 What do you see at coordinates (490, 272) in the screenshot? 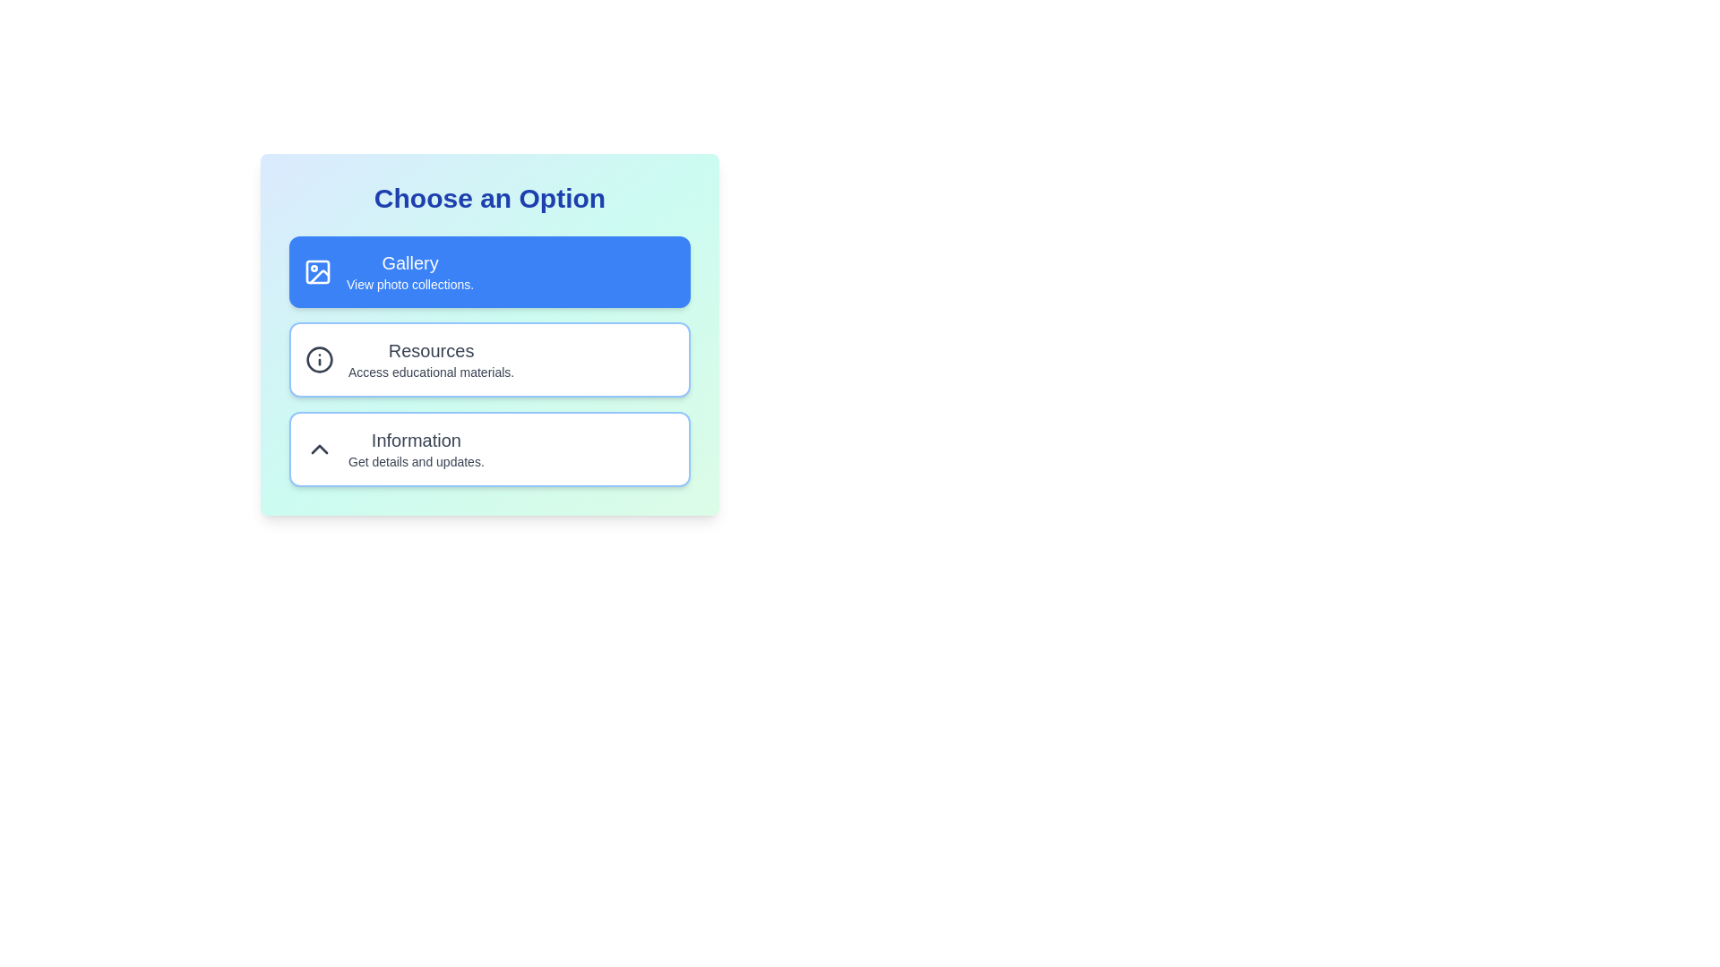
I see `the blue rectangular button labeled 'Gallery' at the top-center of the interface` at bounding box center [490, 272].